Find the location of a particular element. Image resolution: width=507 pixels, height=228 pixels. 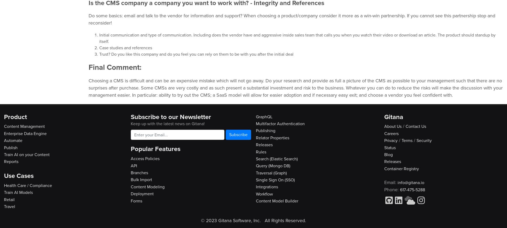

'Workflow' is located at coordinates (264, 194).